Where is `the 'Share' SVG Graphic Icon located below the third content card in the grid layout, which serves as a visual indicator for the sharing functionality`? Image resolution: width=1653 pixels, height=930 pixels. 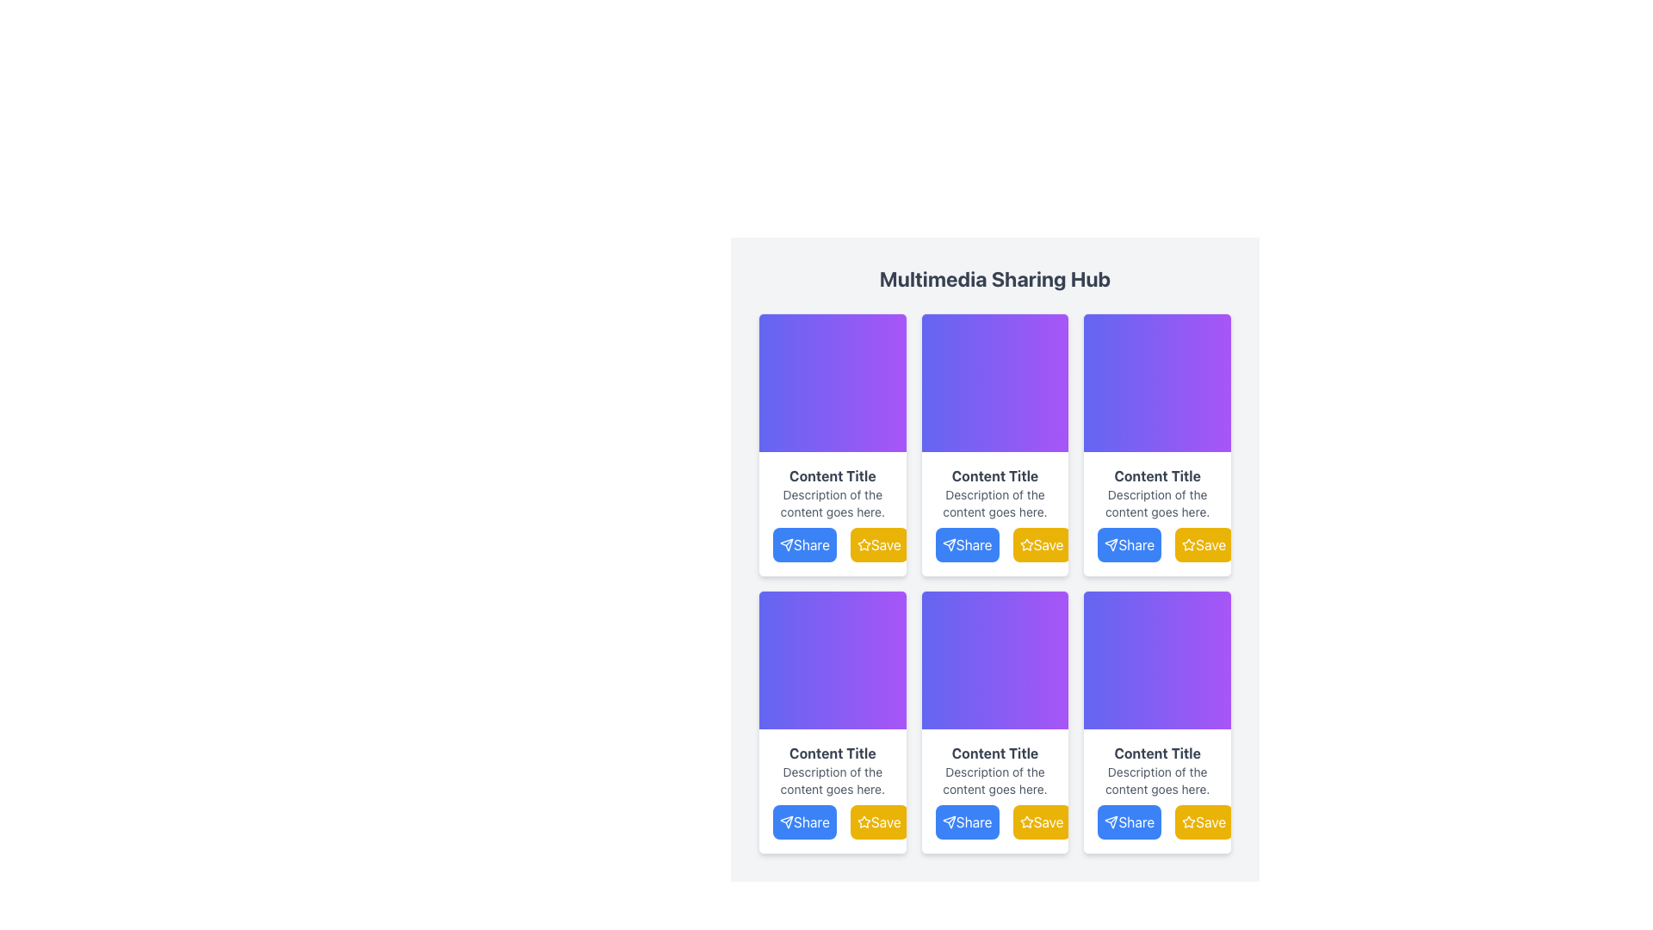
the 'Share' SVG Graphic Icon located below the third content card in the grid layout, which serves as a visual indicator for the sharing functionality is located at coordinates (1111, 544).